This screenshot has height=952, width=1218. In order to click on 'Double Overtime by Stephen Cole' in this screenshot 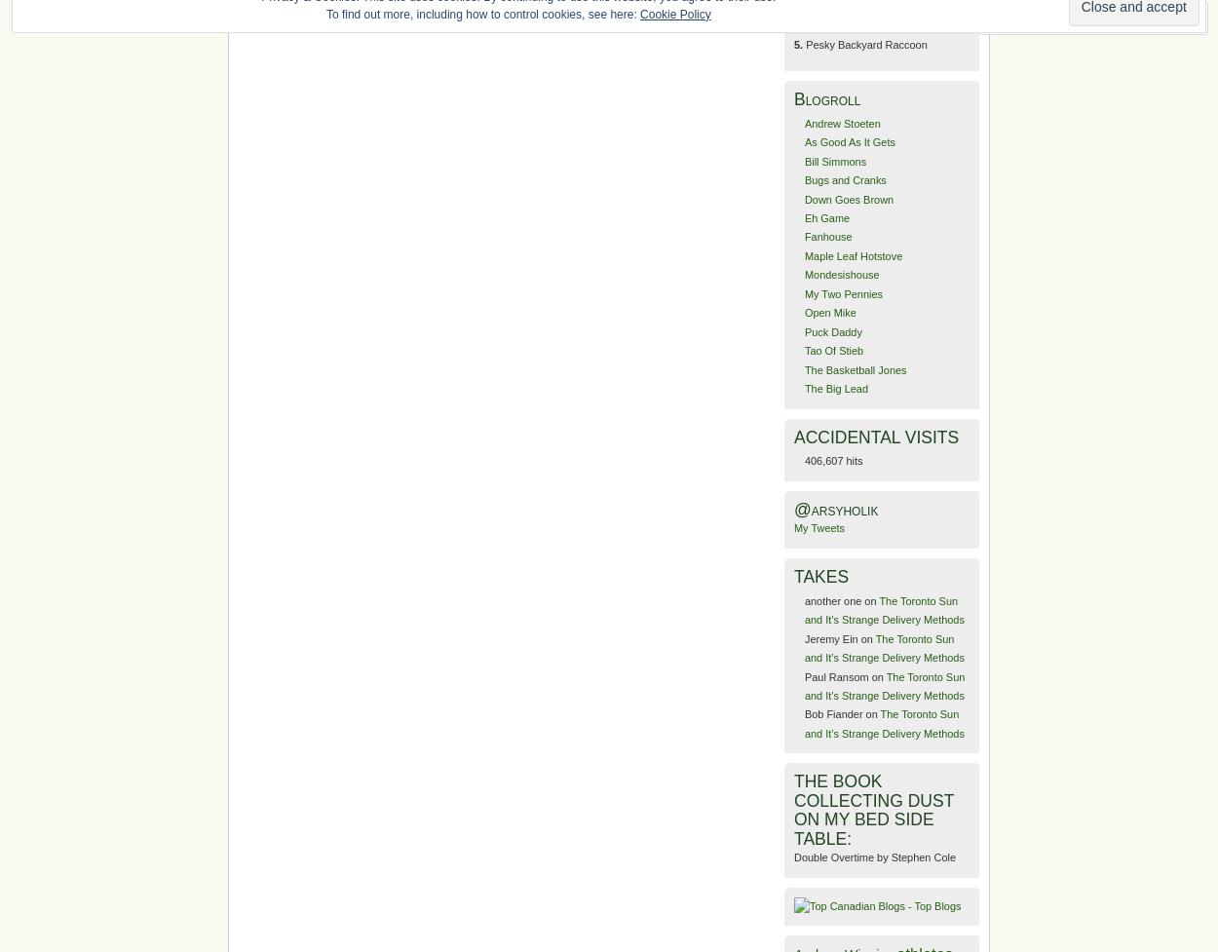, I will do `click(793, 856)`.